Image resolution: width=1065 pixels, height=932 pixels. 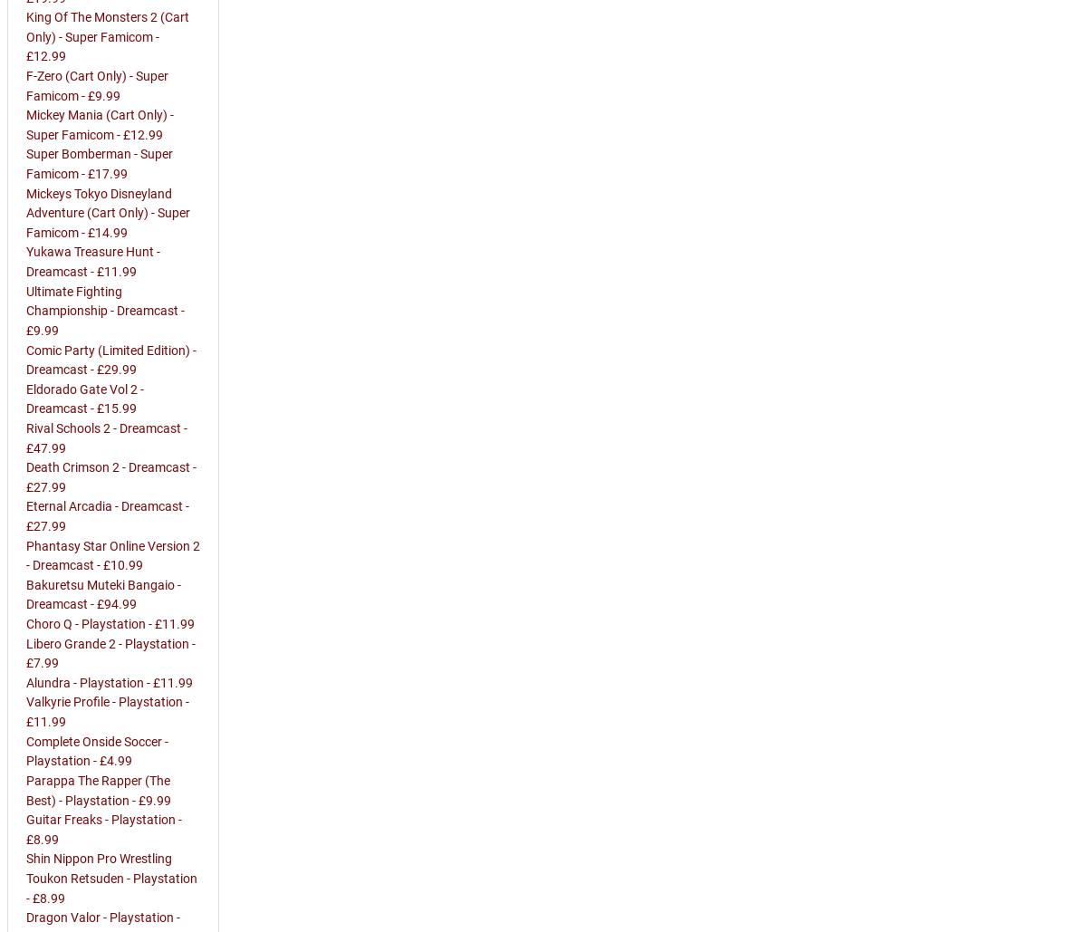 I want to click on 'Rival Schools 2 - Dreamcast - £47.99', so click(x=106, y=437).